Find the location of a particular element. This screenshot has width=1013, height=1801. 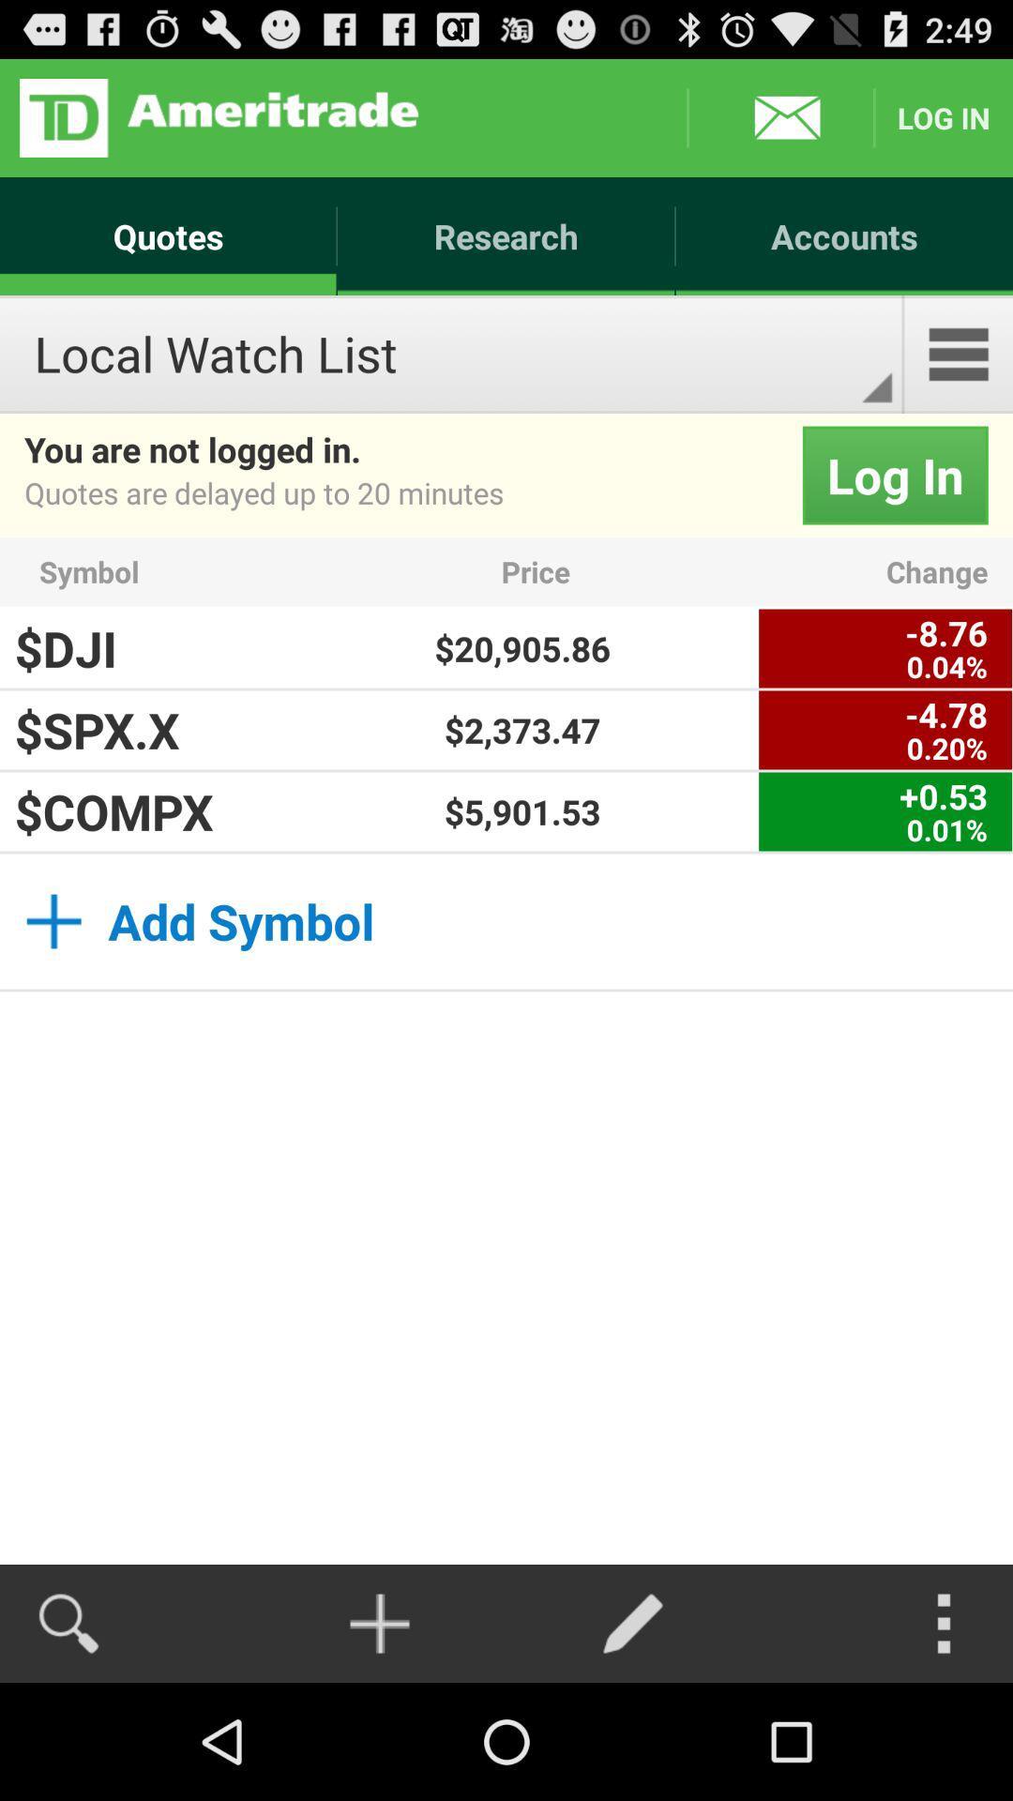

$20,905.86 app is located at coordinates (522, 648).